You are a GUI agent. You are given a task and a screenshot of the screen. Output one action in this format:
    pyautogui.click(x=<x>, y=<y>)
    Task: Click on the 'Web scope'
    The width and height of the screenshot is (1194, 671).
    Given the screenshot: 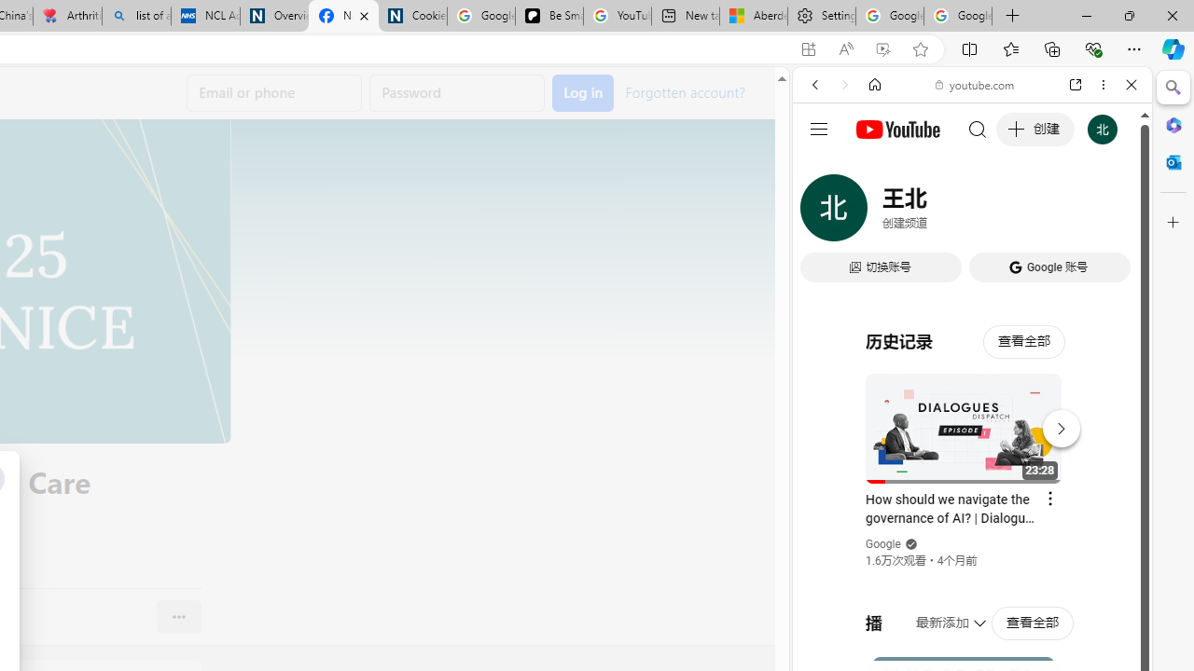 What is the action you would take?
    pyautogui.click(x=822, y=168)
    